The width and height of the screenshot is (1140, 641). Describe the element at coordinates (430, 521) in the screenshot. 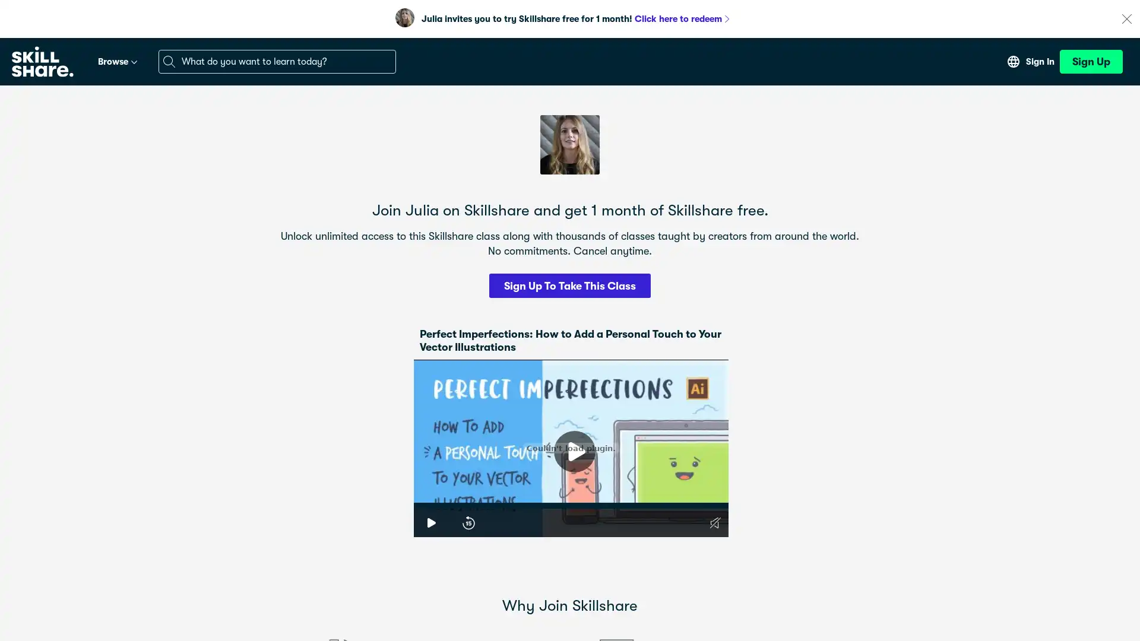

I see `Play` at that location.